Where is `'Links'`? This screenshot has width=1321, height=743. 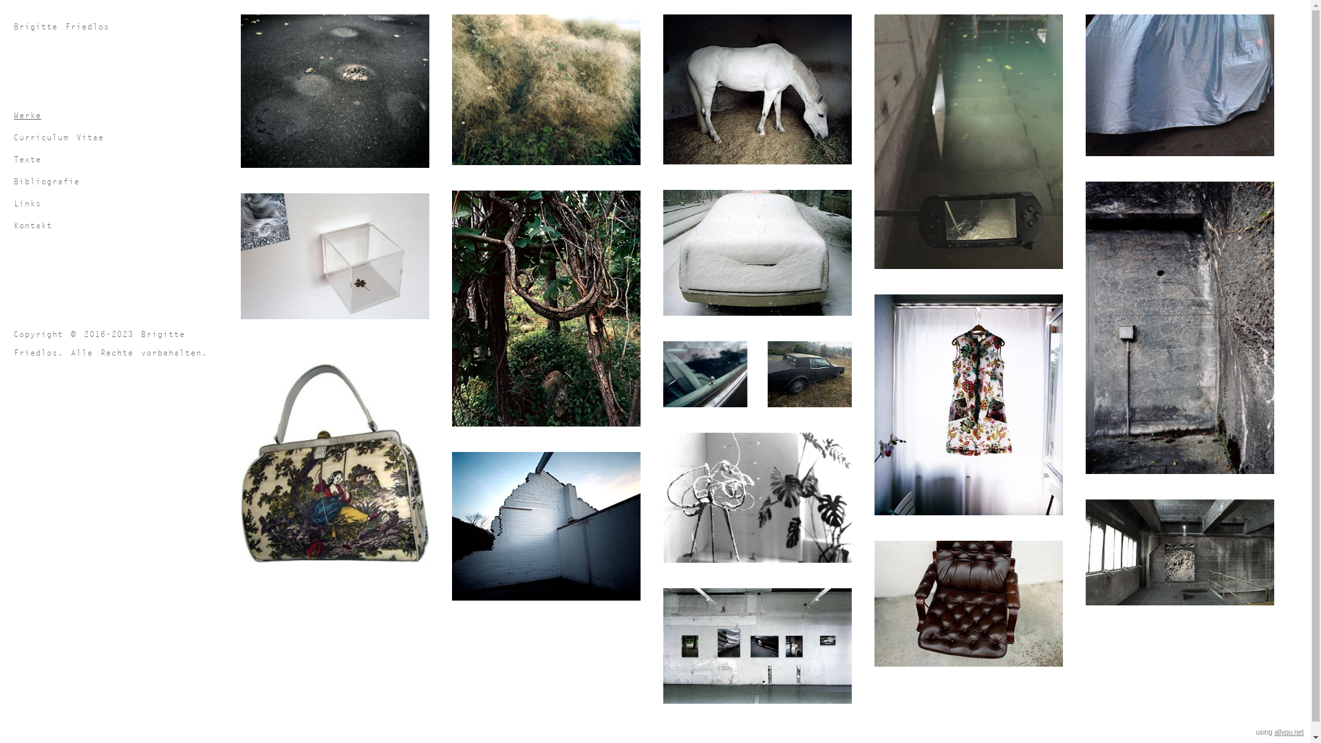 'Links' is located at coordinates (13, 203).